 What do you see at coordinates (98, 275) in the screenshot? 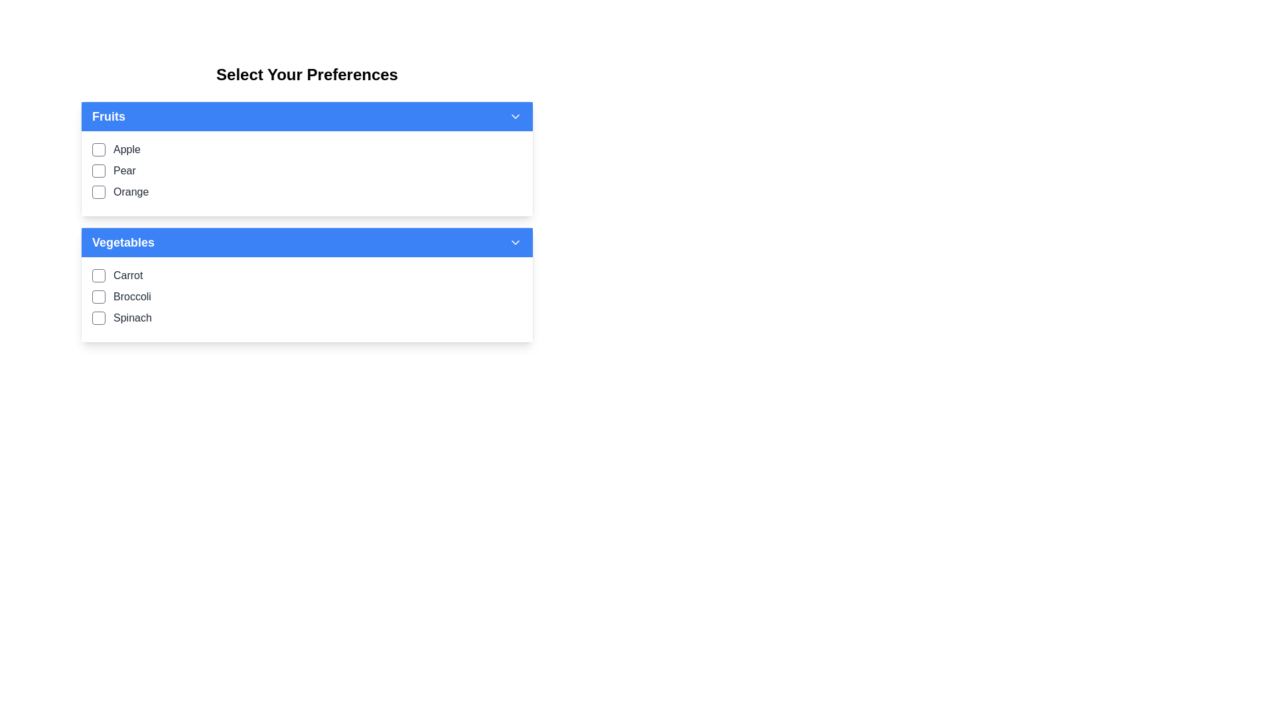
I see `the checkbox for the 'Carrot' option in the 'Vegetables' category` at bounding box center [98, 275].